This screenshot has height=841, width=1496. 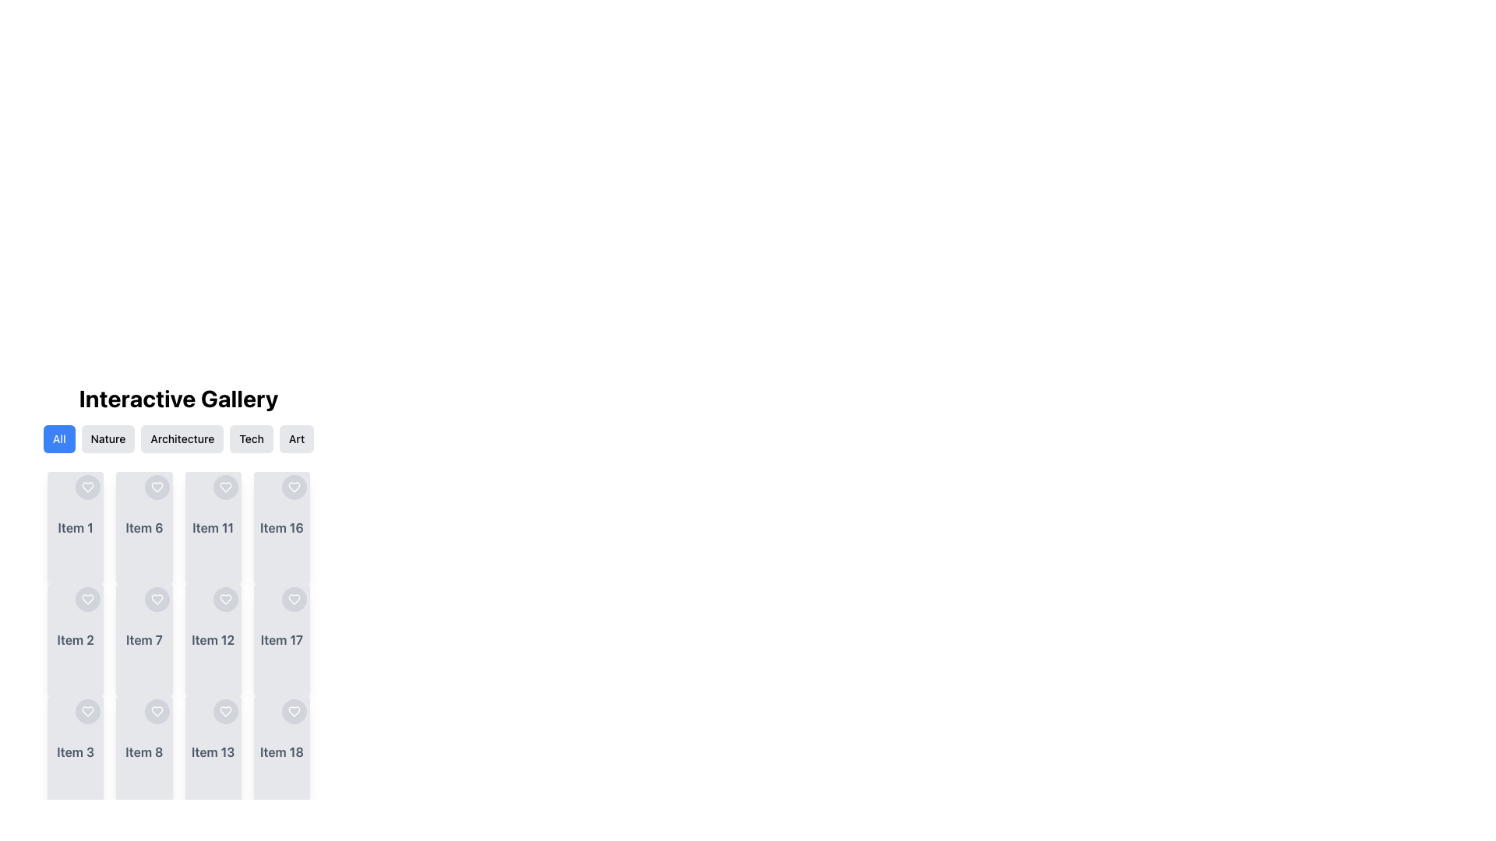 I want to click on the text label displaying 'Item 7' in the second column, second row of the grid layout, which is styled with a gray bold font, so click(x=144, y=639).